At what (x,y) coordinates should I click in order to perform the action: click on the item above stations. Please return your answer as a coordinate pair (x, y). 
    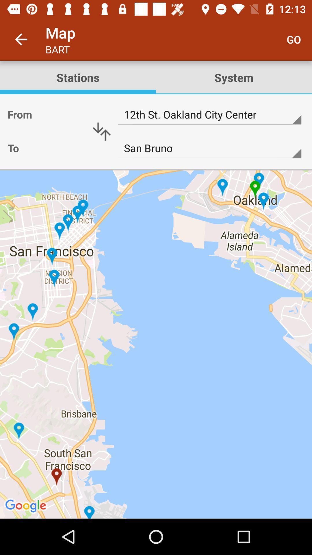
    Looking at the image, I should click on (21, 39).